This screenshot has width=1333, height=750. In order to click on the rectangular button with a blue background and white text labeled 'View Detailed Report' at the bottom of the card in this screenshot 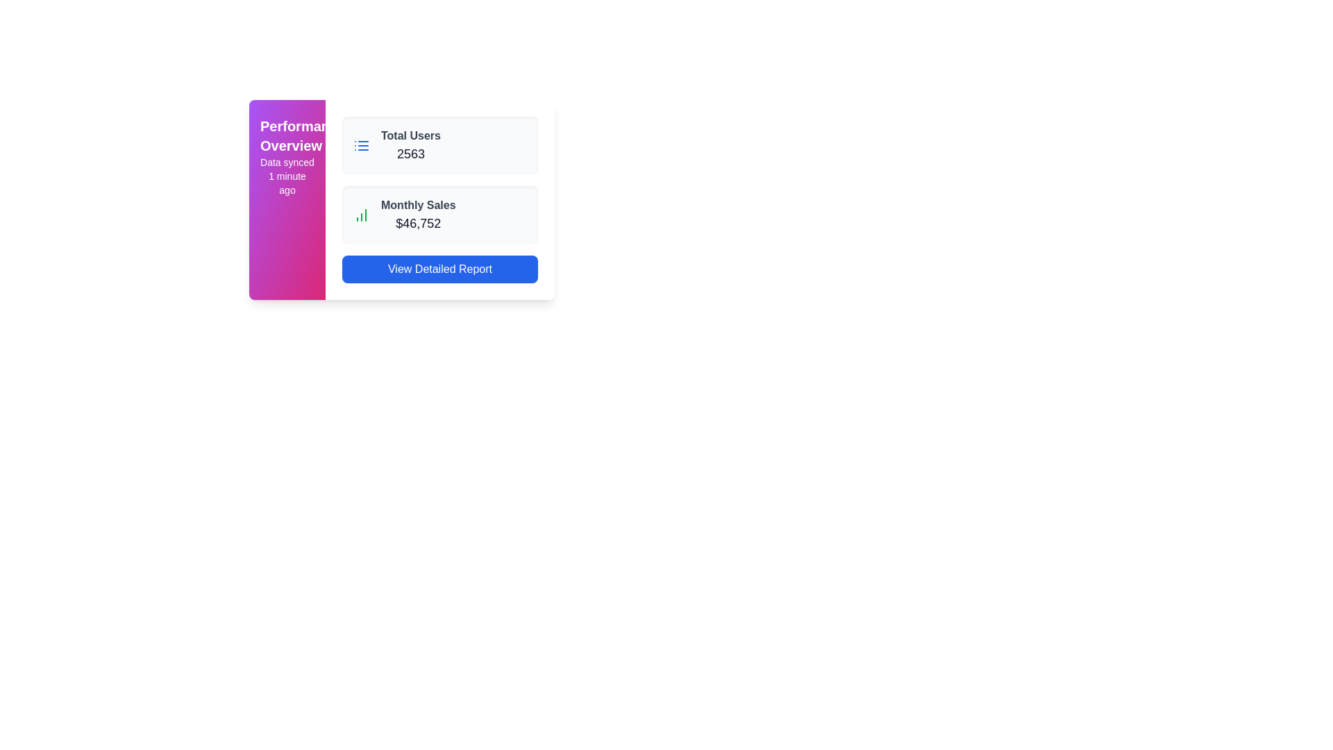, I will do `click(439, 269)`.